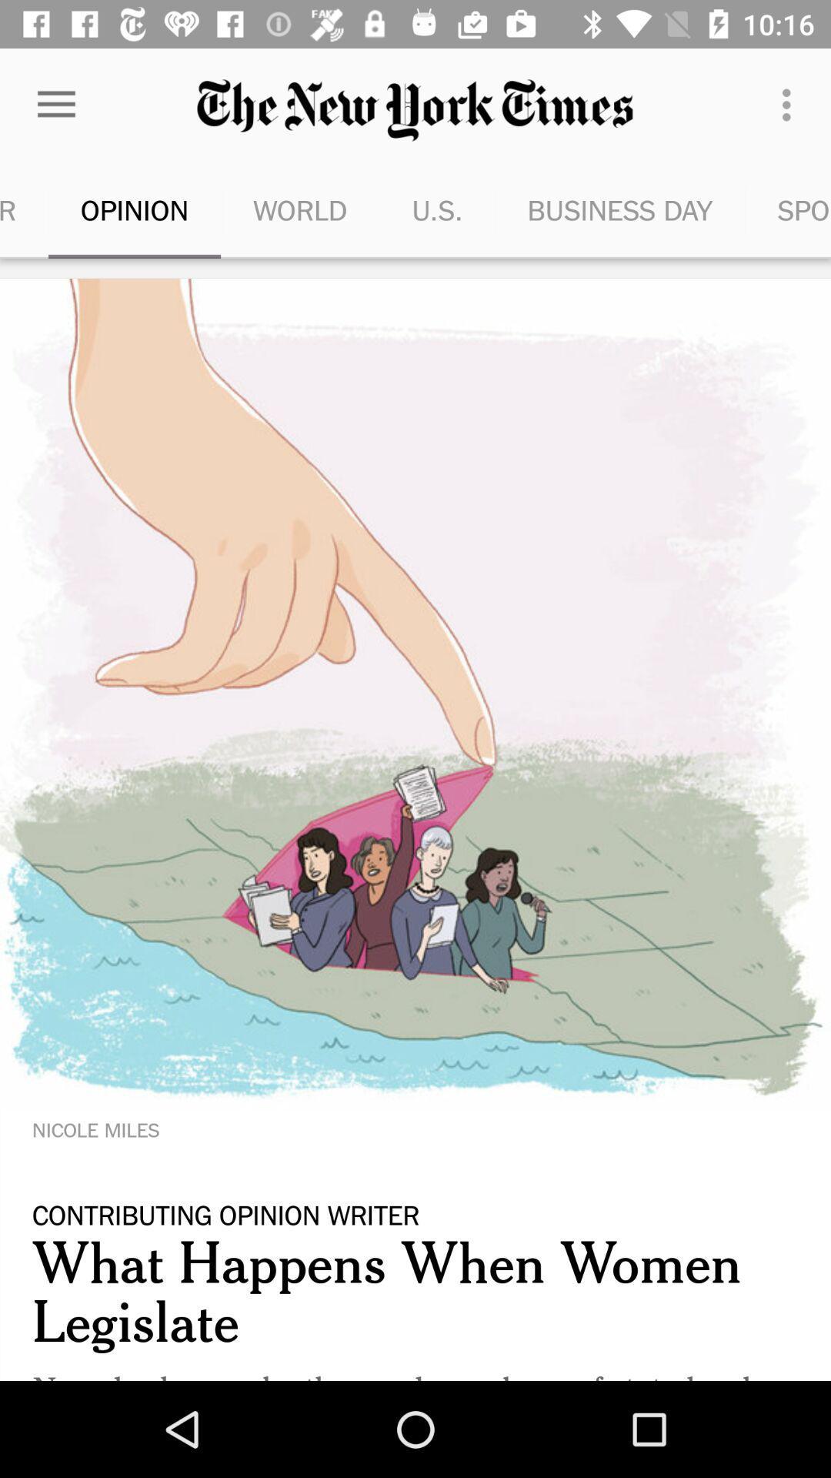 This screenshot has height=1478, width=831. Describe the element at coordinates (300, 209) in the screenshot. I see `icon next to the u.s.` at that location.